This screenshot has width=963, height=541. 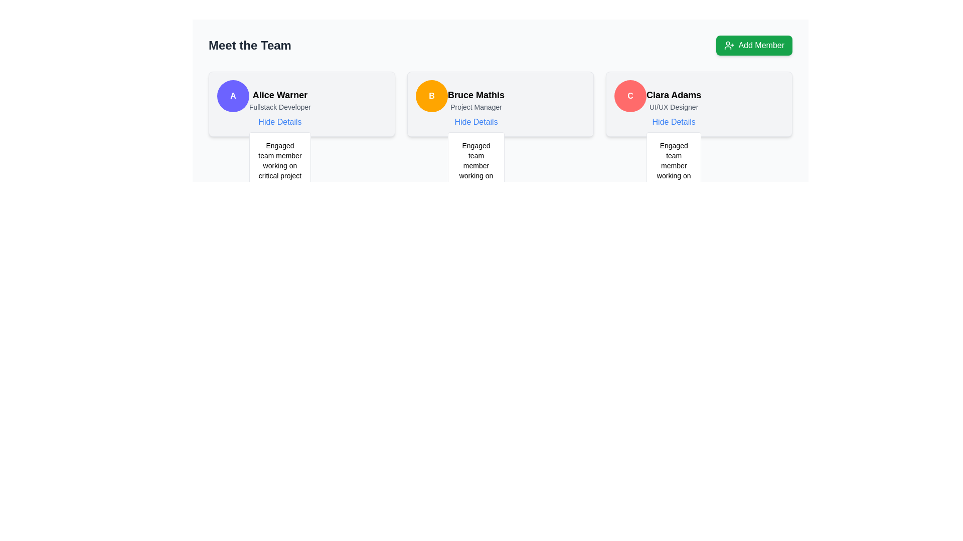 I want to click on the 'Add Member' icon located inside the green rounded rectangular button in the top-right corner of the interface, so click(x=729, y=46).